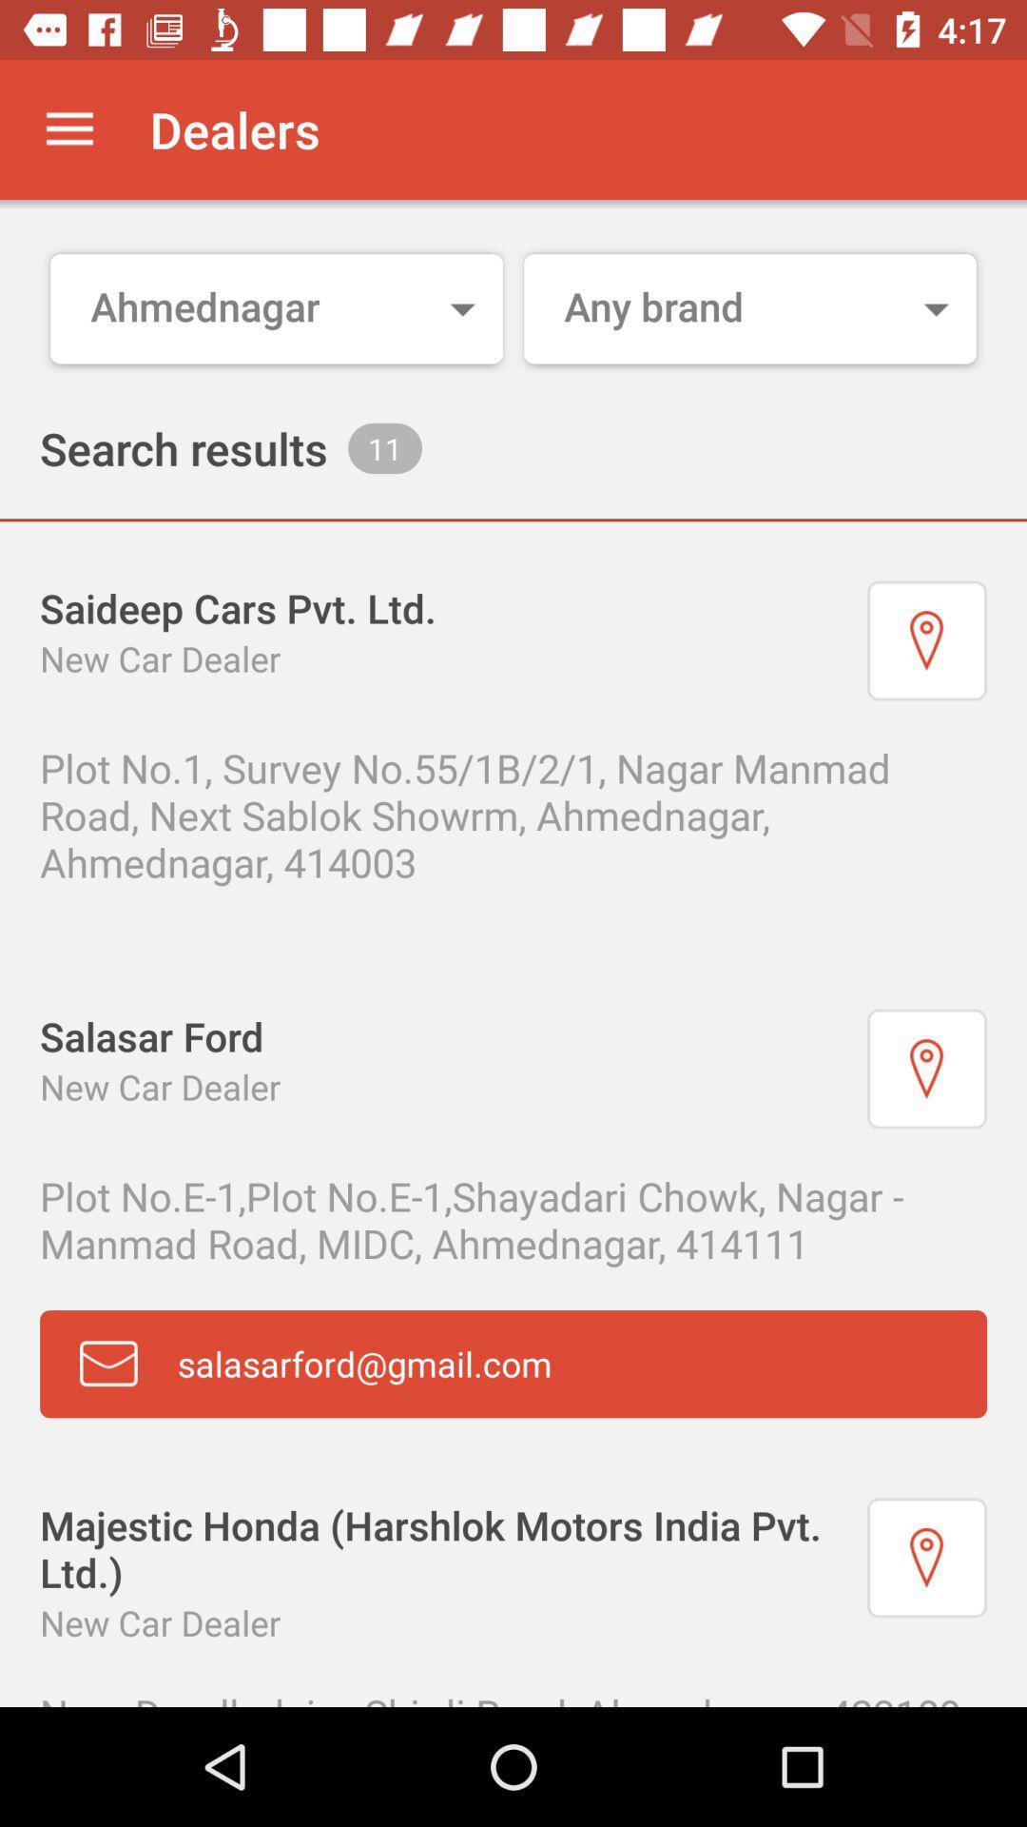  I want to click on show on maps, so click(926, 1069).